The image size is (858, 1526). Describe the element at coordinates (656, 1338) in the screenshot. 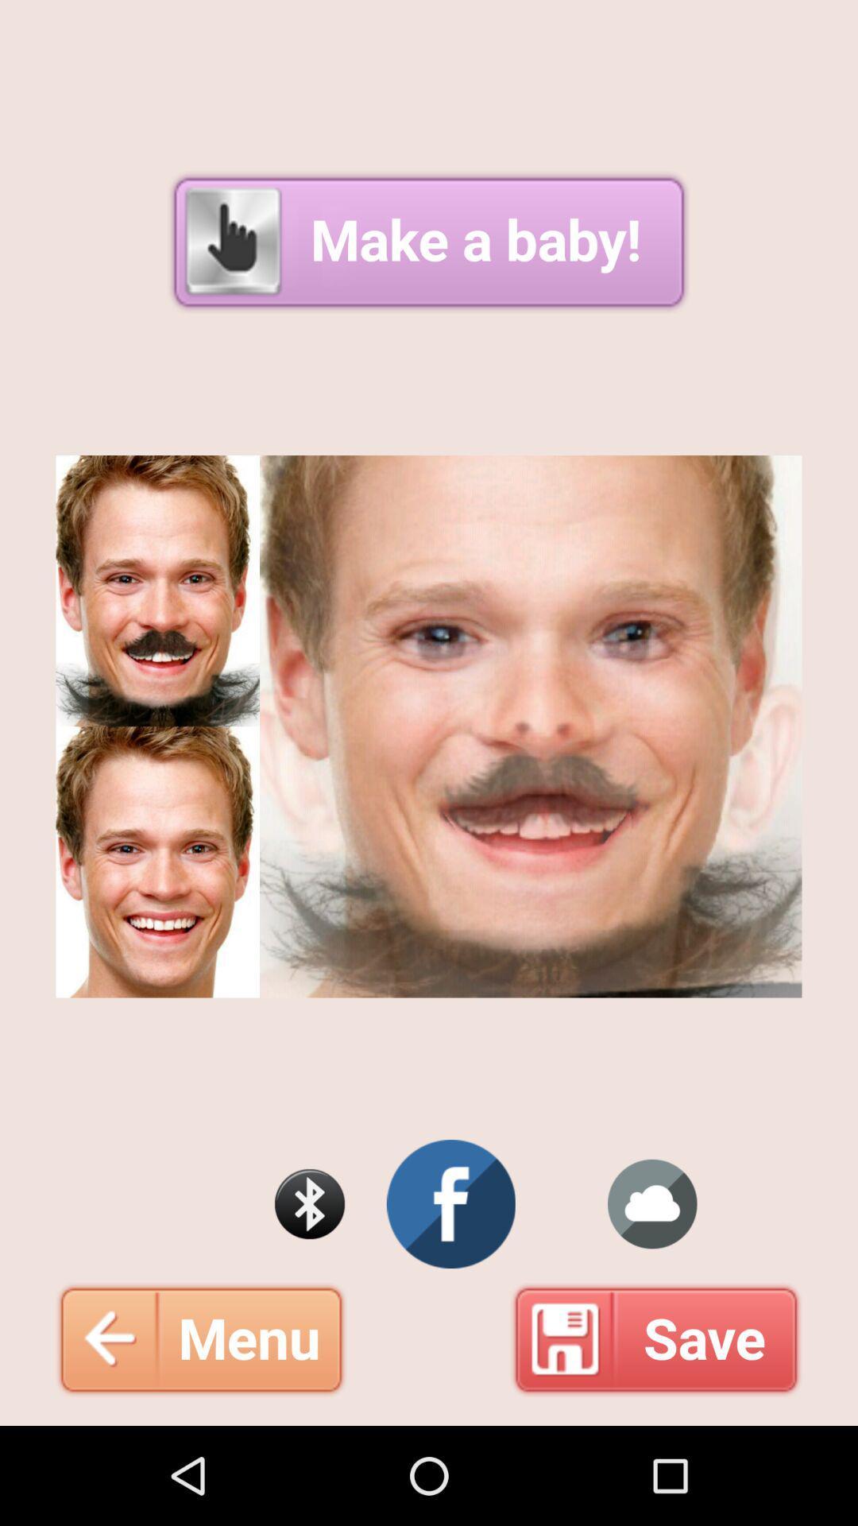

I see `the save` at that location.